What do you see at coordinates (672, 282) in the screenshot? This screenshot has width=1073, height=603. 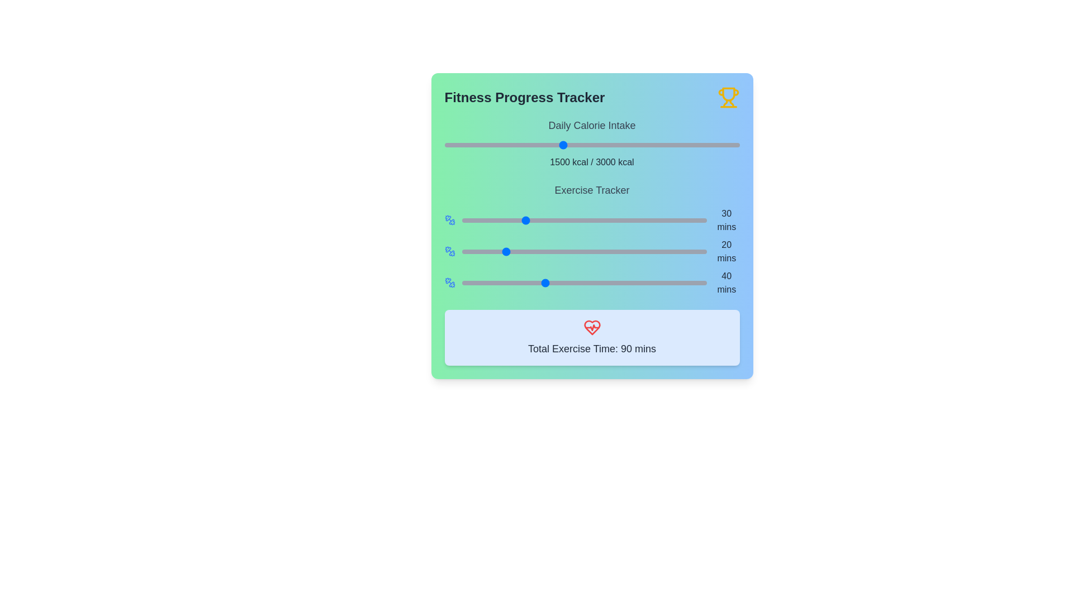 I see `the exercise time` at bounding box center [672, 282].